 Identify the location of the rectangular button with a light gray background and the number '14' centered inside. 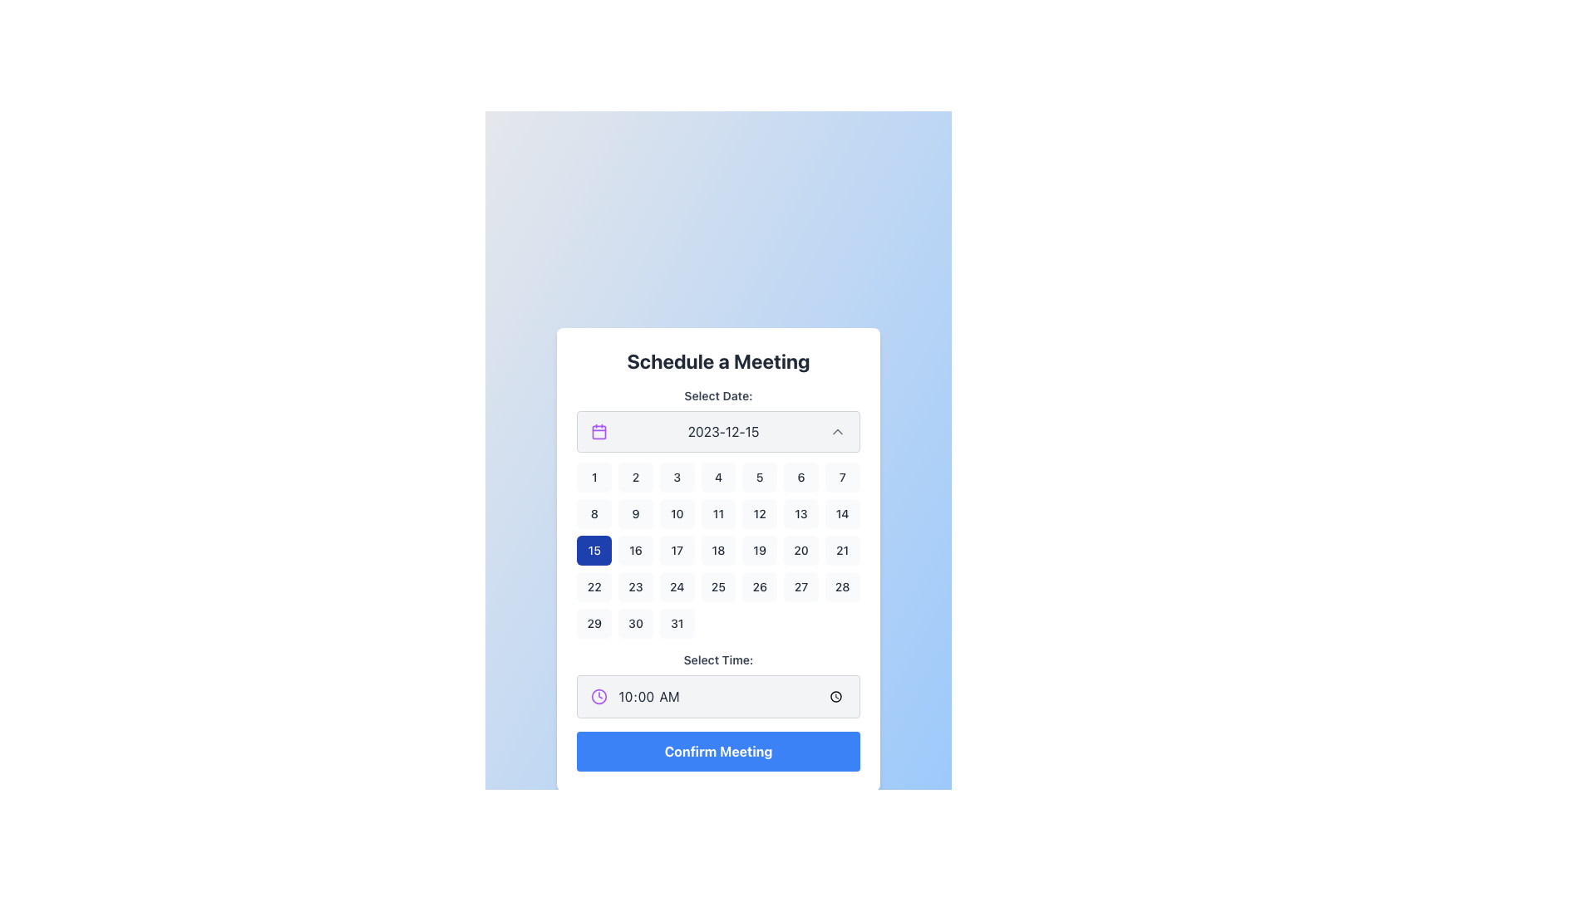
(842, 512).